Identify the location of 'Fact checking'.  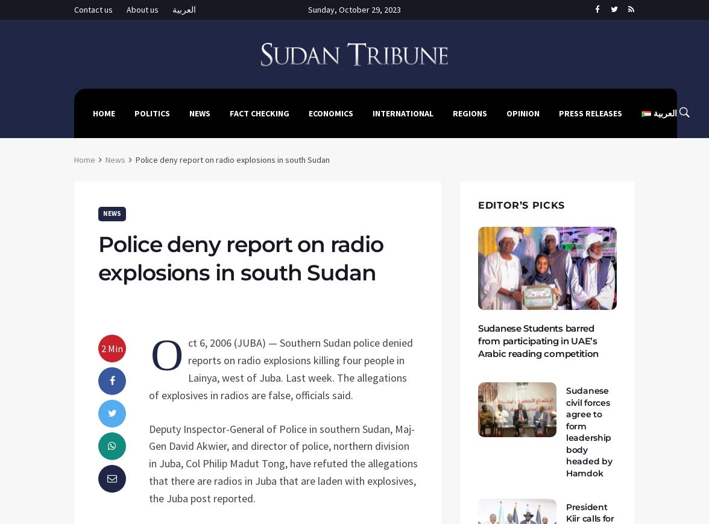
(230, 112).